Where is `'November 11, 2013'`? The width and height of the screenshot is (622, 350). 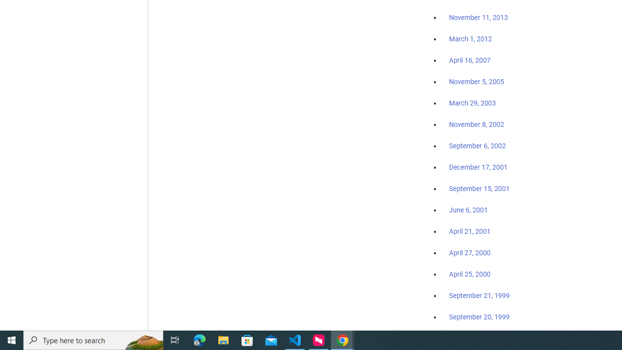
'November 11, 2013' is located at coordinates (478, 18).